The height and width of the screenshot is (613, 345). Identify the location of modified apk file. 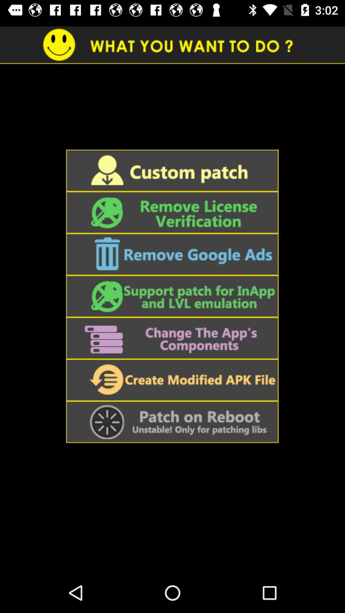
(172, 380).